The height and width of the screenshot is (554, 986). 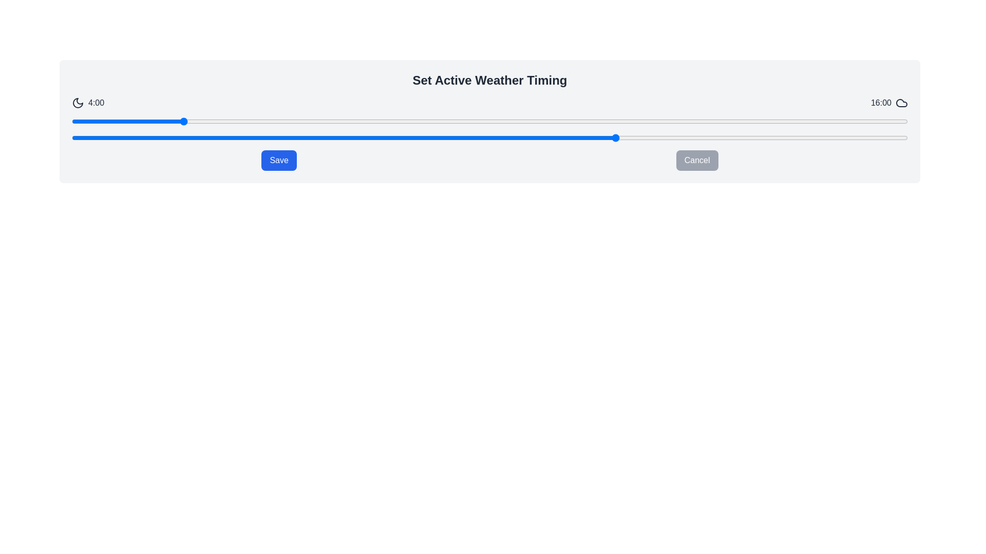 I want to click on the 'Cancel' button located to the right of the 'Save' button in the lower portion of the interface, so click(x=697, y=160).